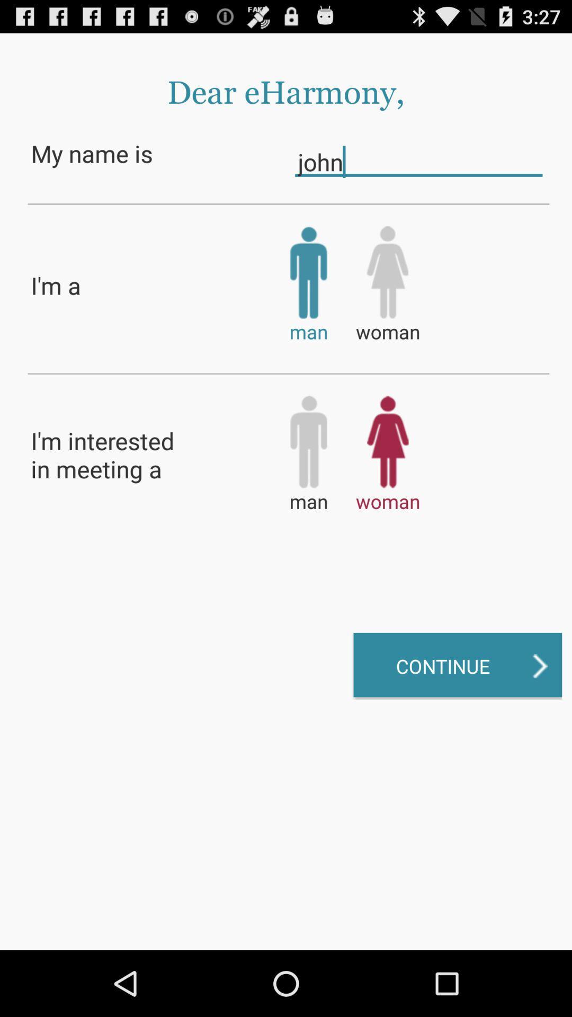  I want to click on the item to the right of the my name is, so click(418, 161).